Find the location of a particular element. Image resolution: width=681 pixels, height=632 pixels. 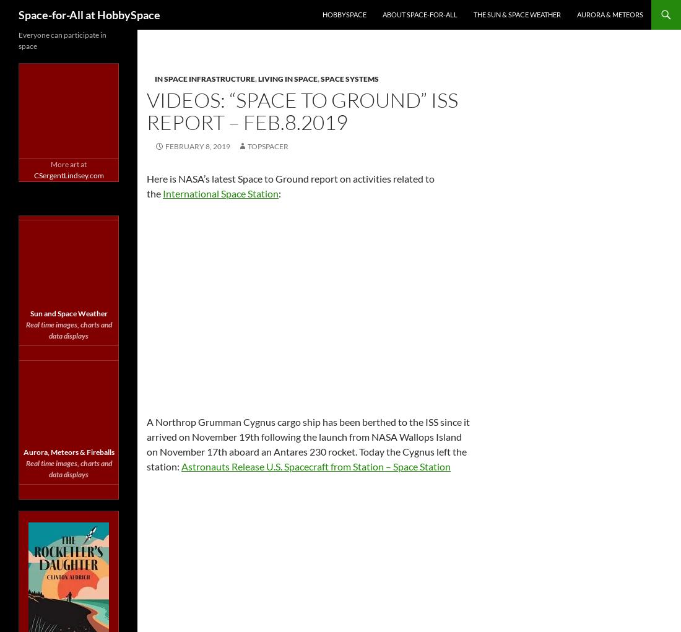

'February 8, 2019' is located at coordinates (197, 145).